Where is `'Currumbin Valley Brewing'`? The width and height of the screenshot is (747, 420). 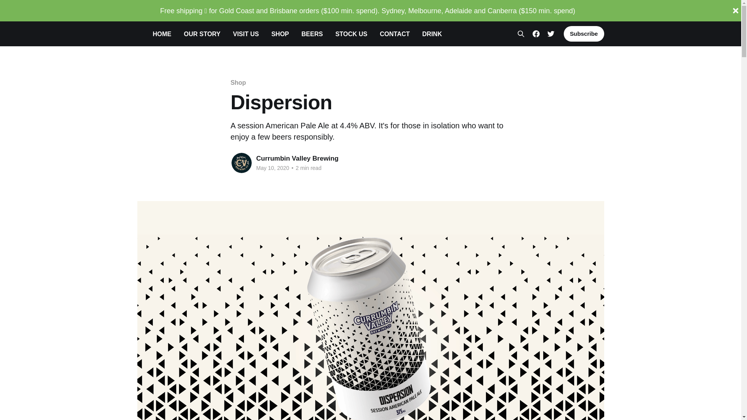
'Currumbin Valley Brewing' is located at coordinates (296, 158).